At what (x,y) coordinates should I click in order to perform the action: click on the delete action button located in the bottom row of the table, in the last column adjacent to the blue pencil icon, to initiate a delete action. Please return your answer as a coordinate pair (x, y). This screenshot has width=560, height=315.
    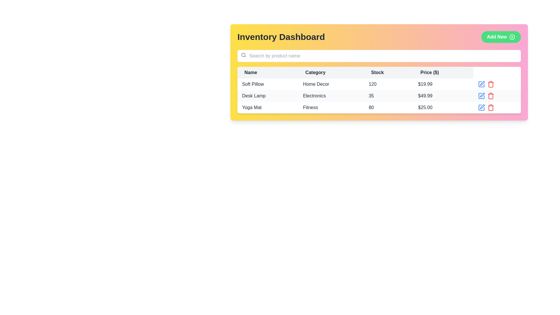
    Looking at the image, I should click on (491, 84).